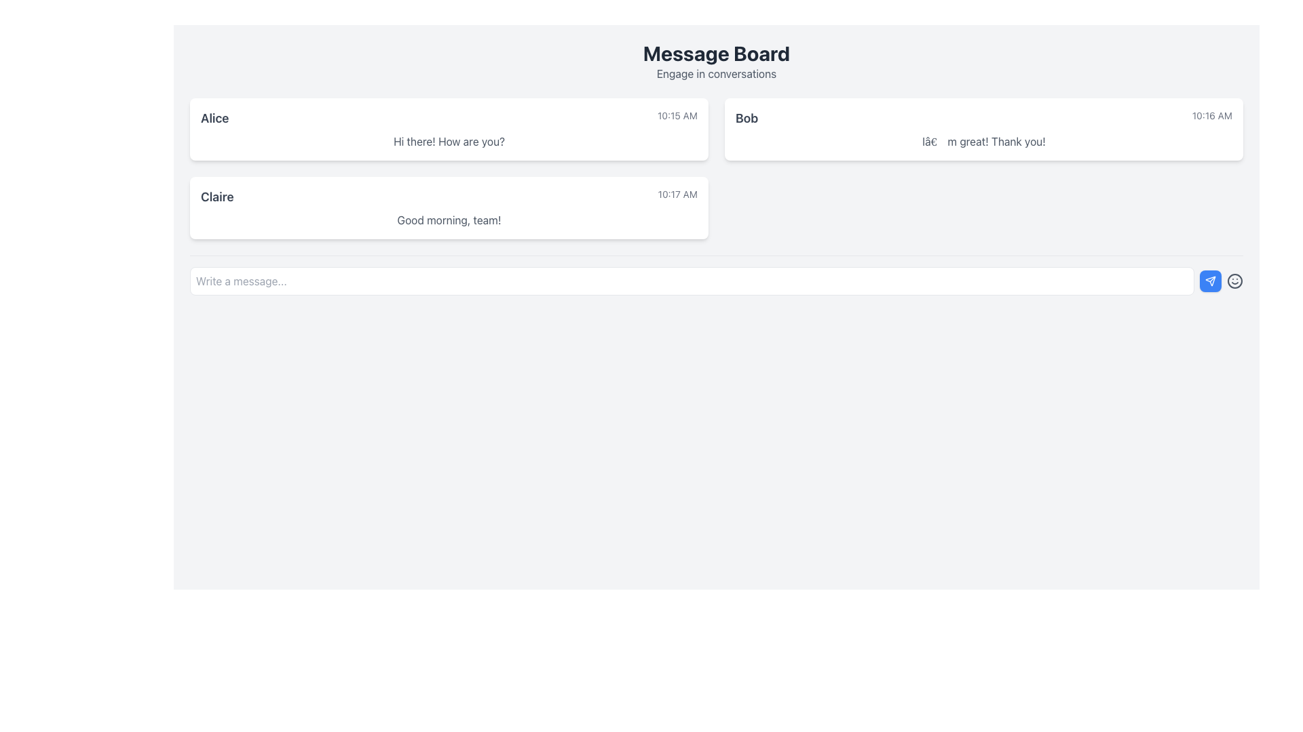 The height and width of the screenshot is (732, 1303). Describe the element at coordinates (214, 117) in the screenshot. I see `user name displayed in the text label located at the top-left corner of the message card in the chat column` at that location.